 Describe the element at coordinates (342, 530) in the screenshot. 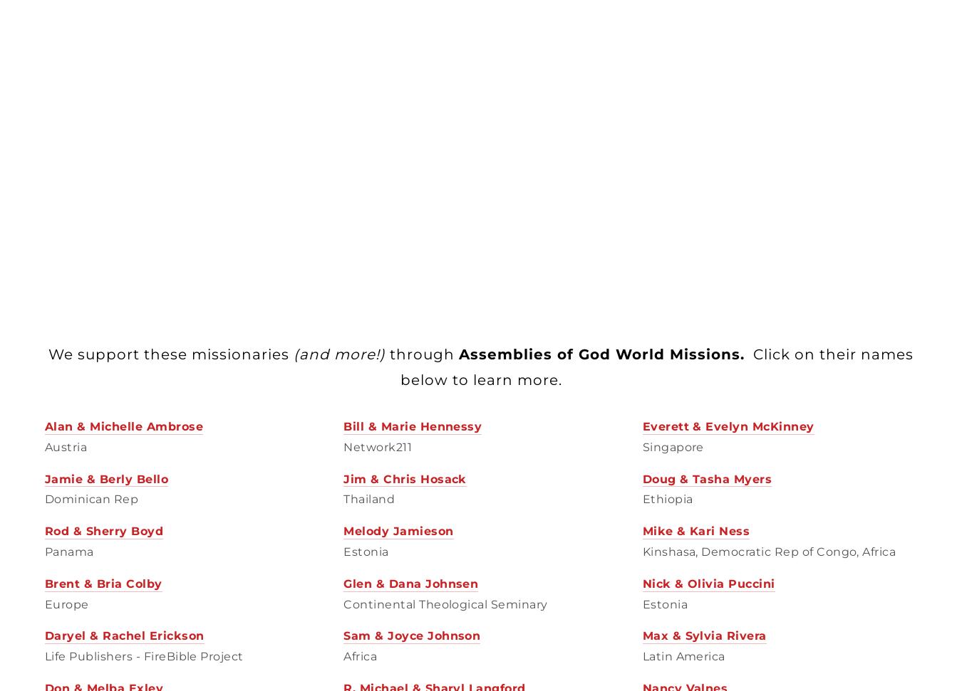

I see `'Melody Jamieson'` at that location.